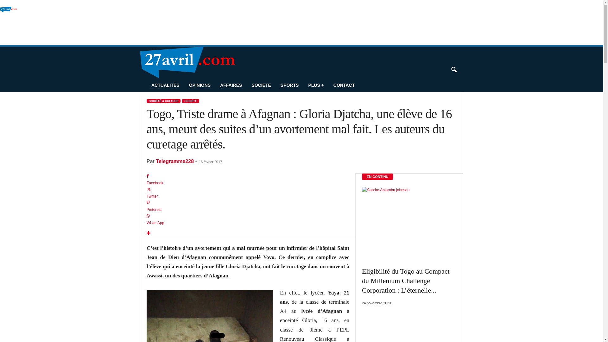  Describe the element at coordinates (199, 85) in the screenshot. I see `'OPINIONS'` at that location.